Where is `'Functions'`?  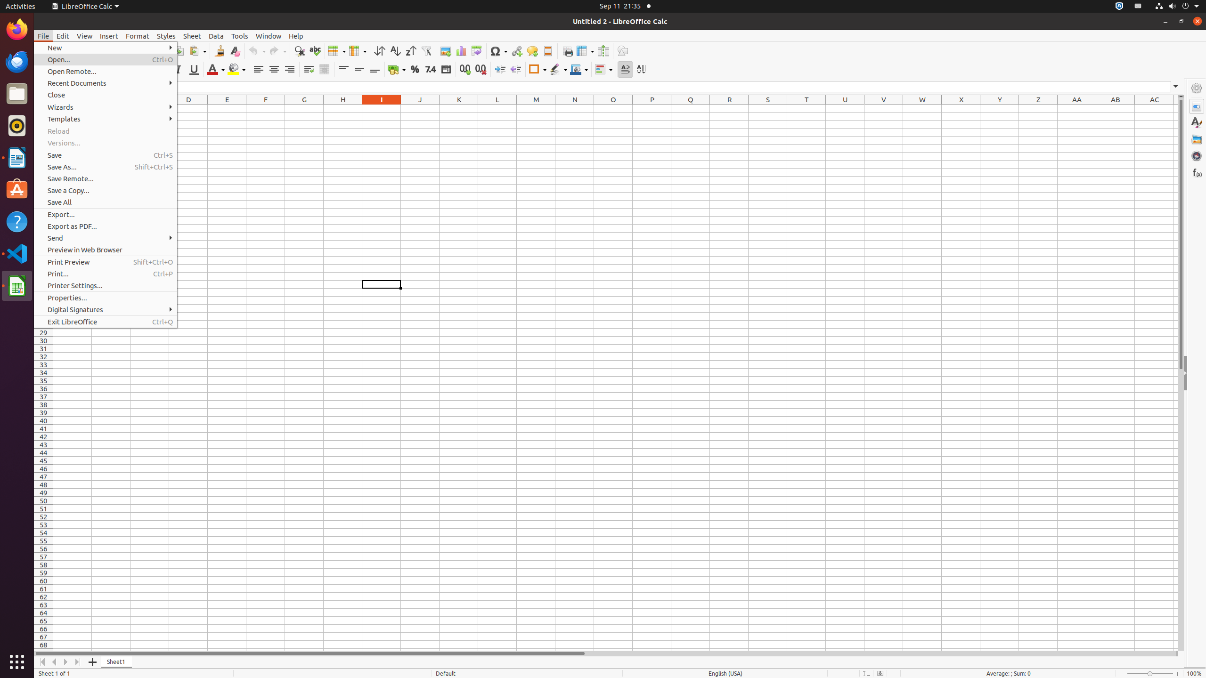 'Functions' is located at coordinates (1196, 172).